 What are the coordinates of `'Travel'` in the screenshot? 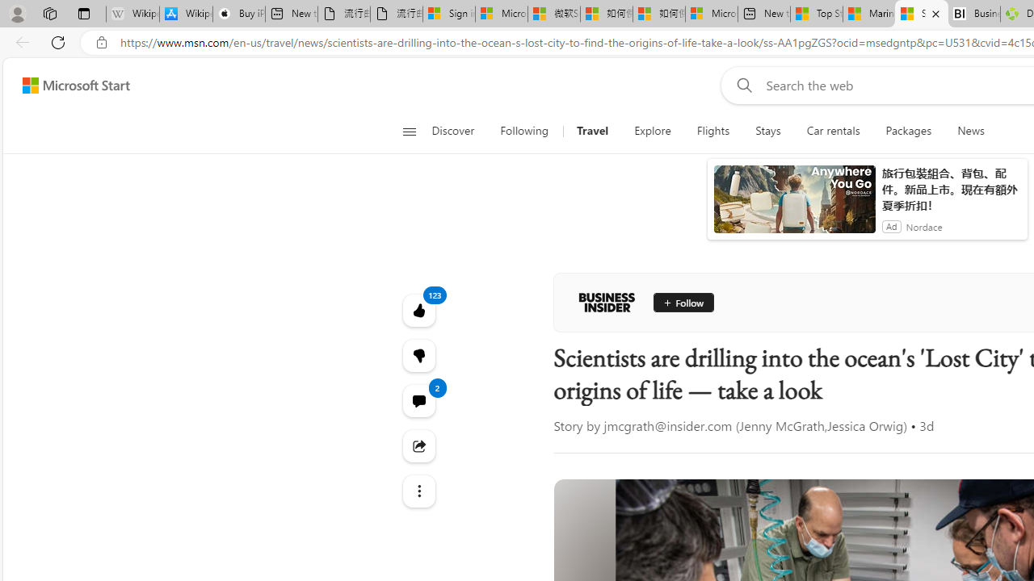 It's located at (591, 131).